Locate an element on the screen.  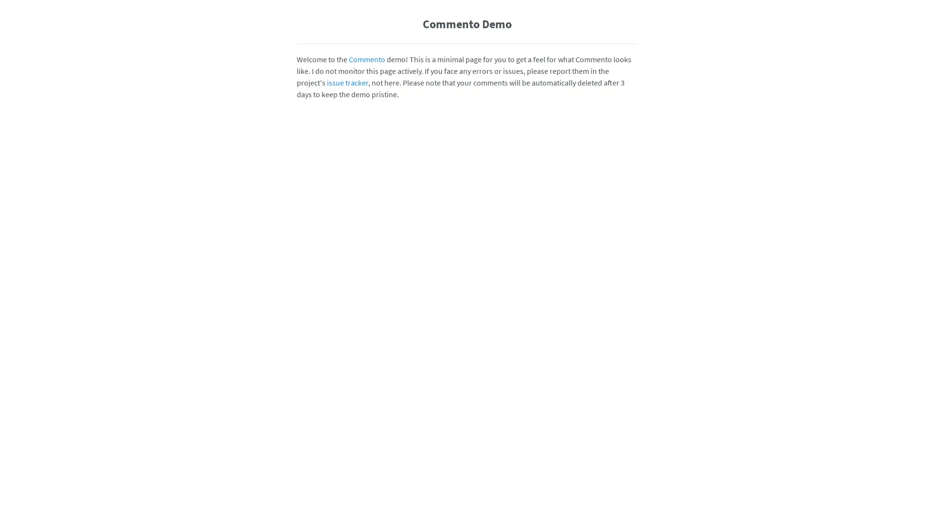
Reply is located at coordinates (584, 267).